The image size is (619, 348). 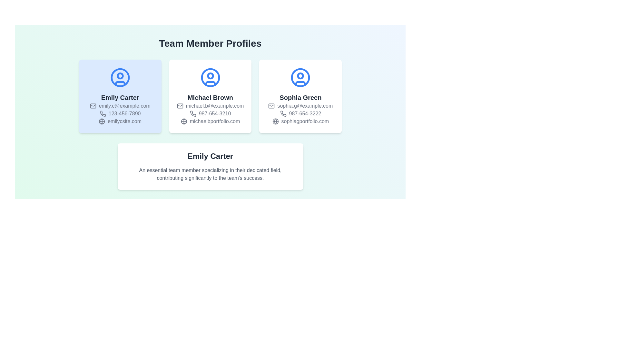 I want to click on the text label 'Emily Carter' which is displayed in bold font and is part of the profile card, located directly below the user icon, so click(x=120, y=98).